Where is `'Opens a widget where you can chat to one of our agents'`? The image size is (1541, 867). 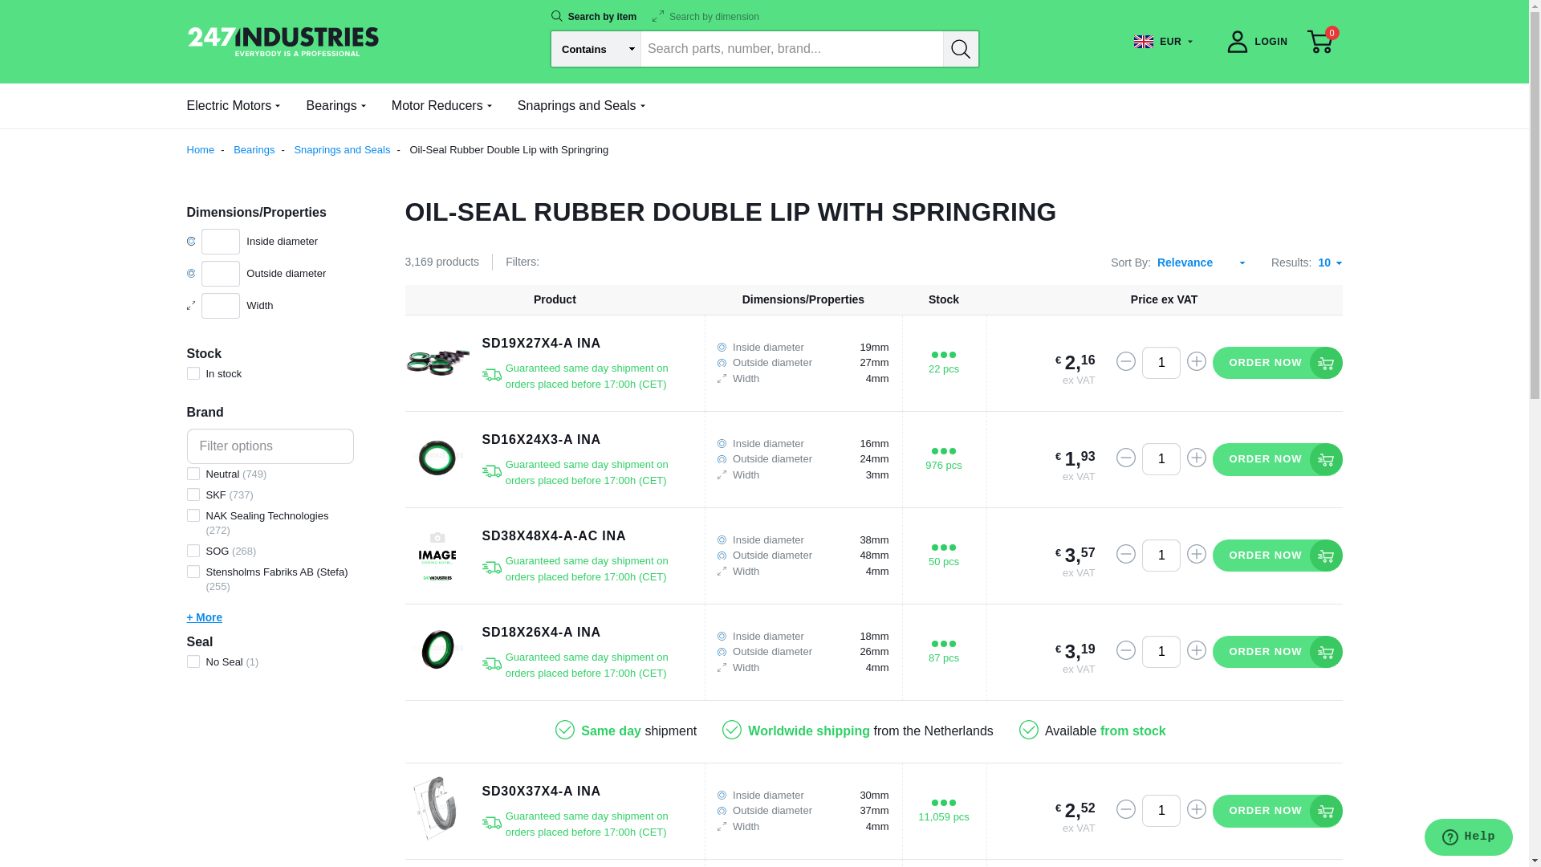
'Opens a widget where you can chat to one of our agents' is located at coordinates (1468, 838).